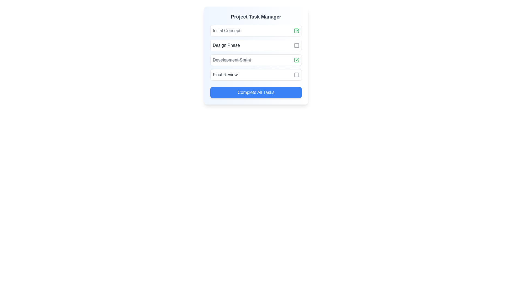 The width and height of the screenshot is (523, 294). Describe the element at coordinates (296, 75) in the screenshot. I see `the checkbox icon next to the text 'Final Review'` at that location.